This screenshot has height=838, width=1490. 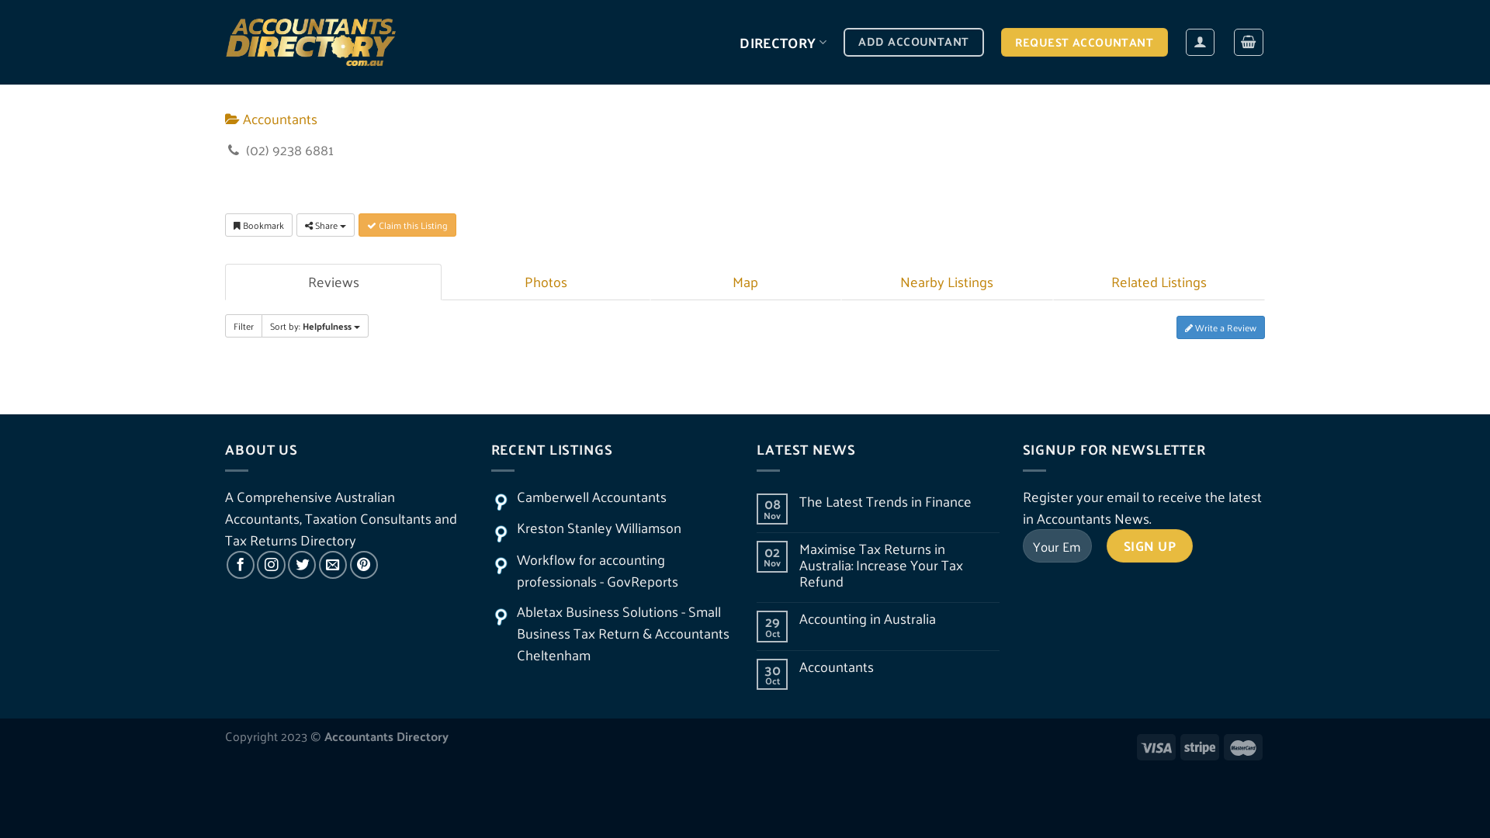 I want to click on 'Sign Up', so click(x=1149, y=545).